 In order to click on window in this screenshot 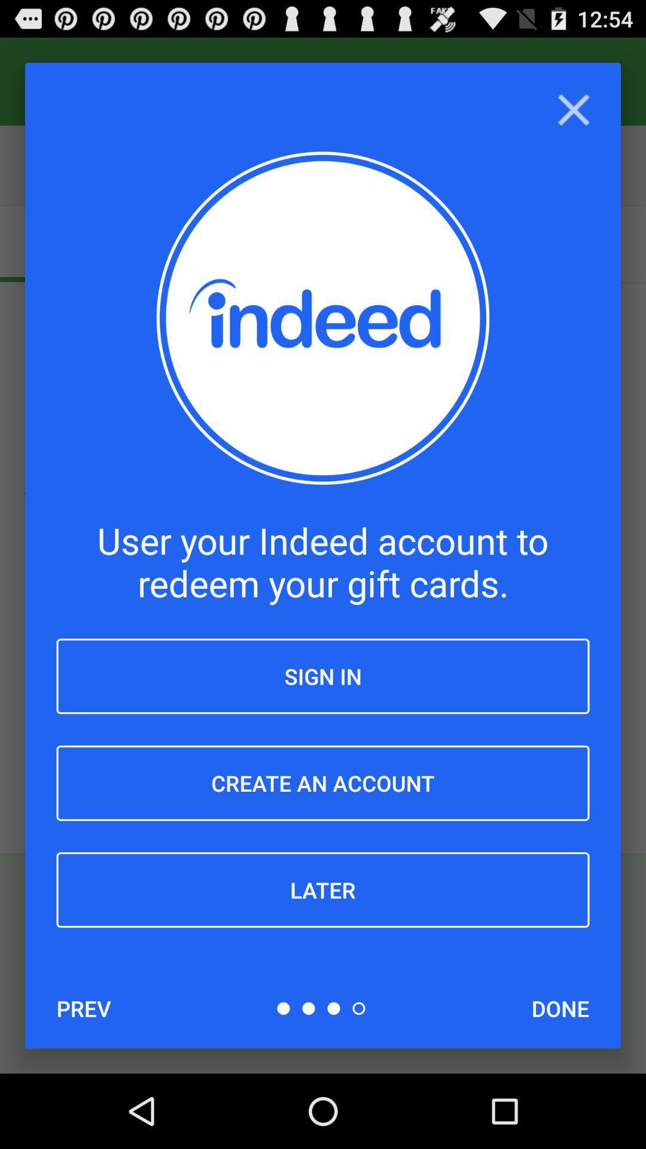, I will do `click(573, 110)`.